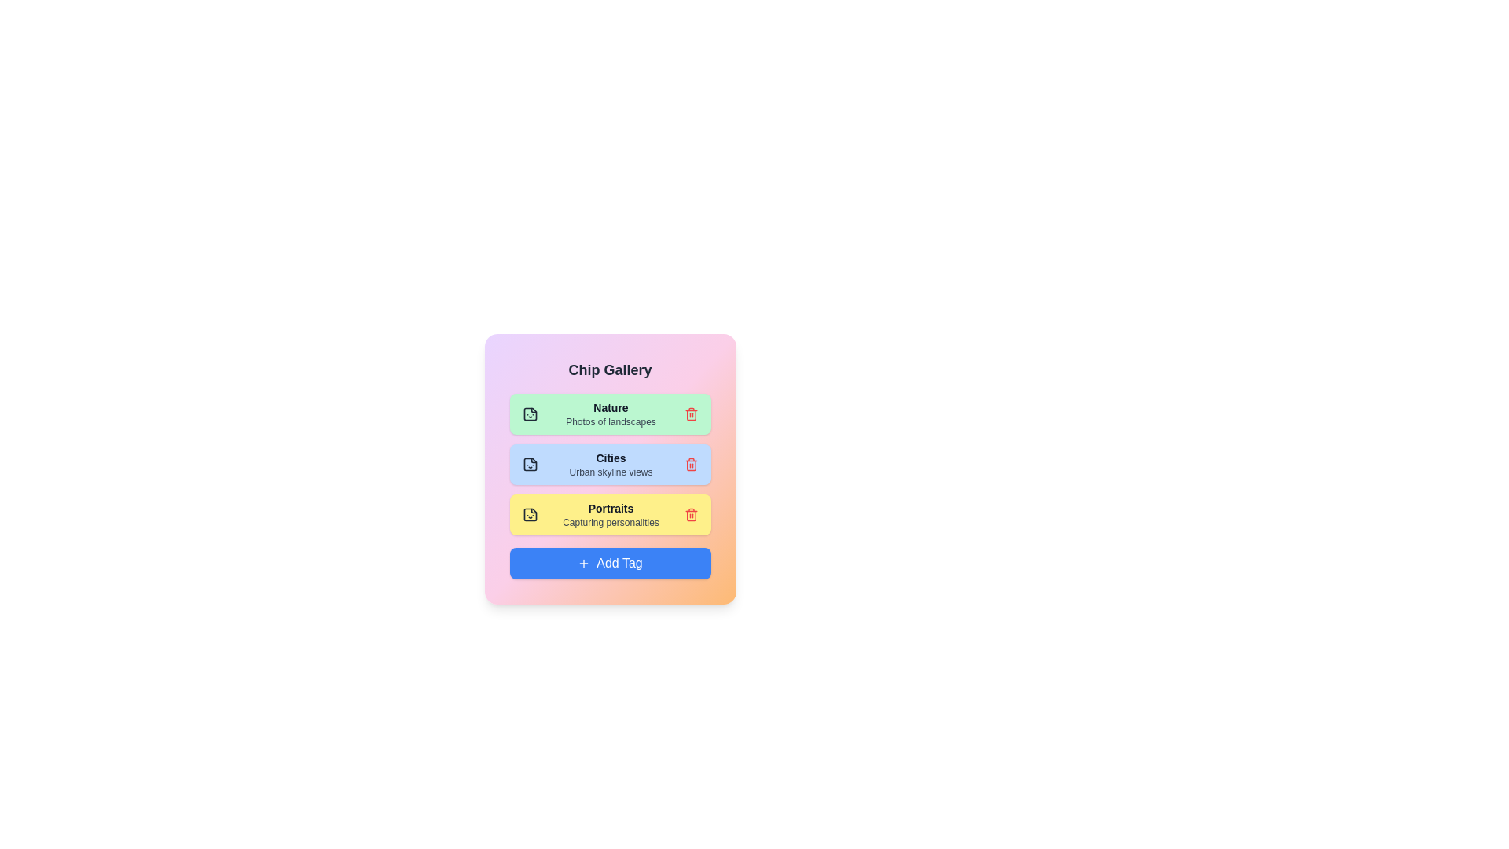 This screenshot has width=1509, height=849. Describe the element at coordinates (691, 463) in the screenshot. I see `the delete button for the tag labeled 'Cities' to remove it` at that location.